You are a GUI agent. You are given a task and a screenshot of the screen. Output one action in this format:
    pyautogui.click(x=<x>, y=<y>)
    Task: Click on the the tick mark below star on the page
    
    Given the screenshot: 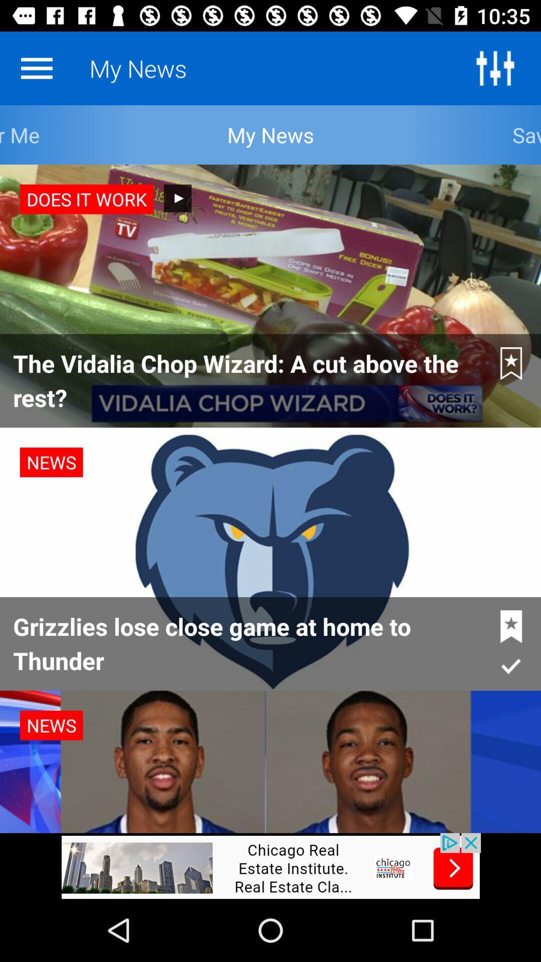 What is the action you would take?
    pyautogui.click(x=511, y=666)
    